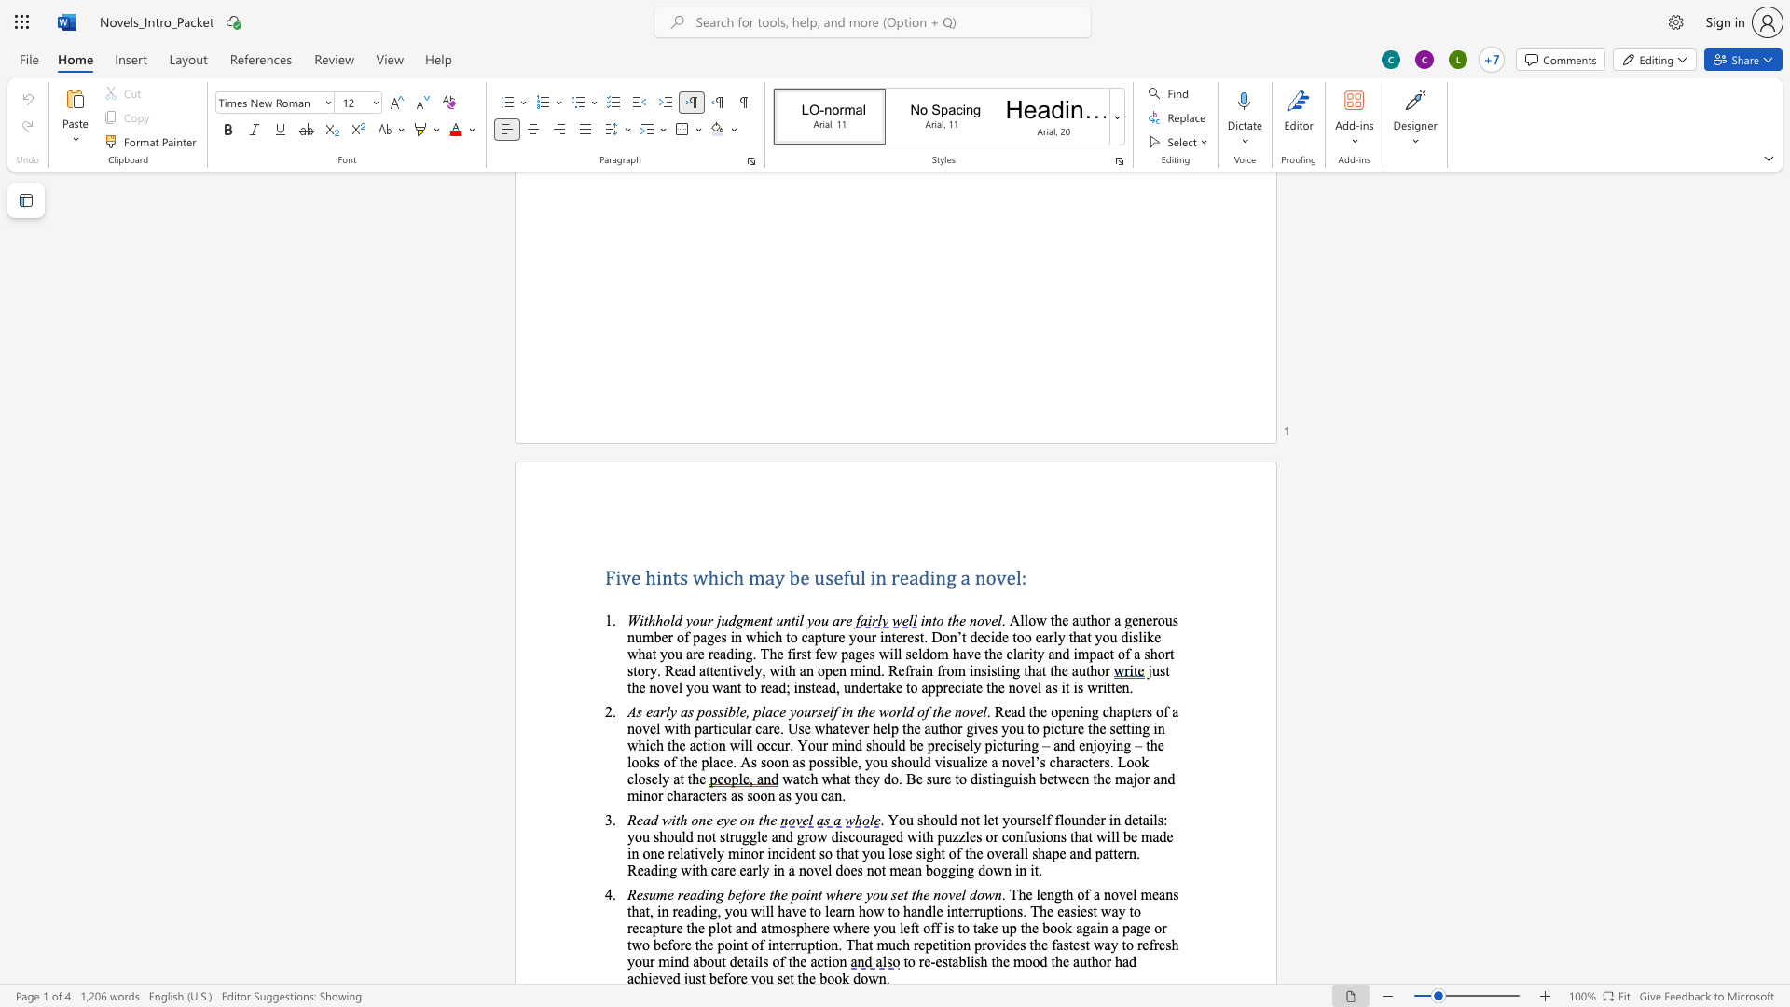  What do you see at coordinates (663, 620) in the screenshot?
I see `the space between the continuous character "h" and "o" in the text` at bounding box center [663, 620].